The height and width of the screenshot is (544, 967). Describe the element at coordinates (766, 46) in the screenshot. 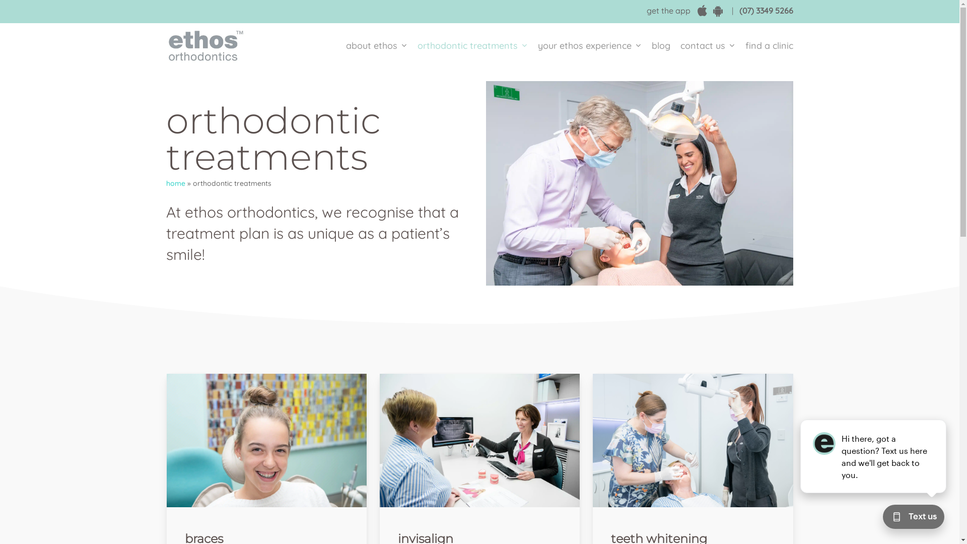

I see `'find a clinic'` at that location.